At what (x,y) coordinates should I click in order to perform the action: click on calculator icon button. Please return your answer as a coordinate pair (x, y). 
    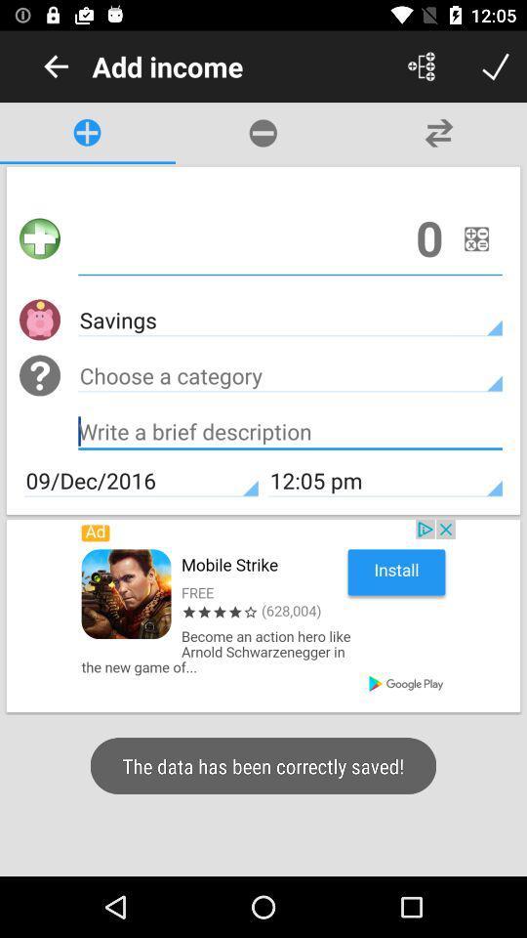
    Looking at the image, I should click on (475, 237).